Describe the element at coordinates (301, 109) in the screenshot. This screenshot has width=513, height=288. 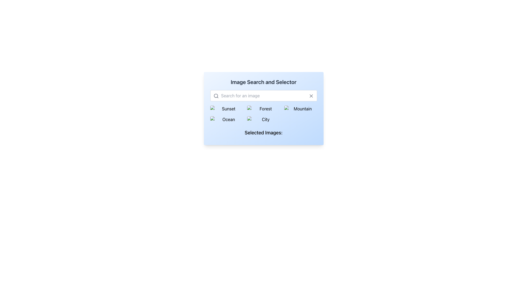
I see `the 'Mountain' category button, which is the third element in the first row of a grid layout beneath the search bar` at that location.